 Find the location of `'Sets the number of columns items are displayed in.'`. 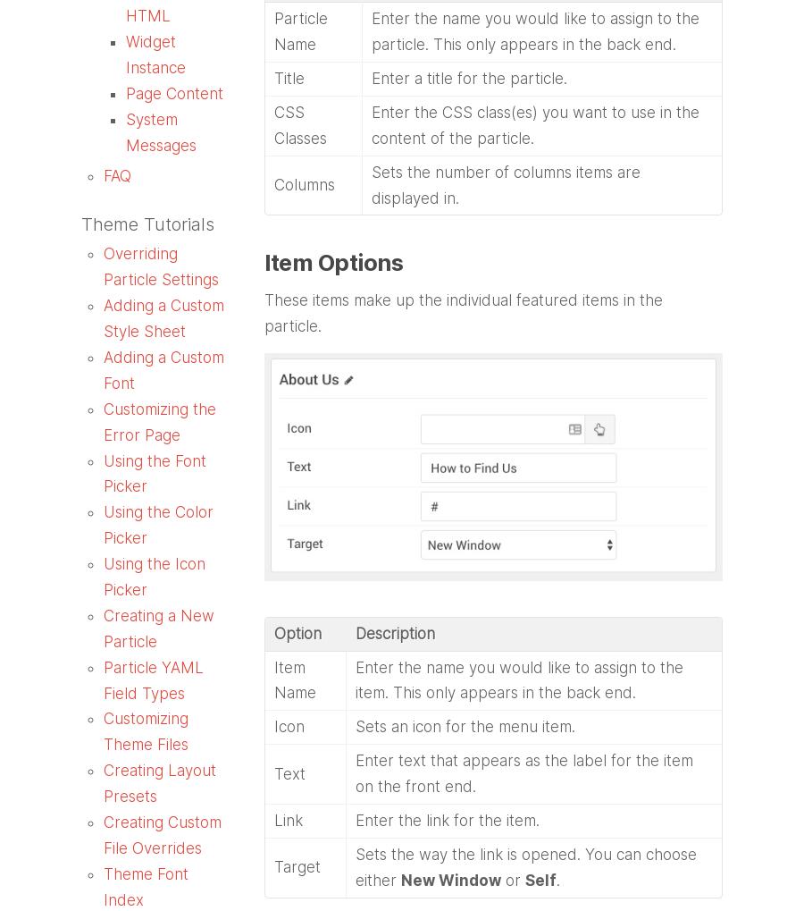

'Sets the number of columns items are displayed in.' is located at coordinates (371, 183).